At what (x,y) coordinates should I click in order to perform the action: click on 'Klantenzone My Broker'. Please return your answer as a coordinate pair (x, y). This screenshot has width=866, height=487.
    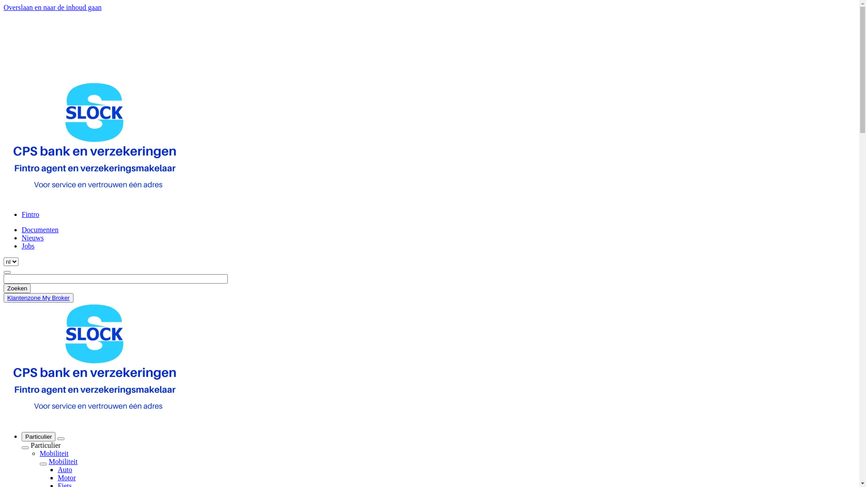
    Looking at the image, I should click on (7, 298).